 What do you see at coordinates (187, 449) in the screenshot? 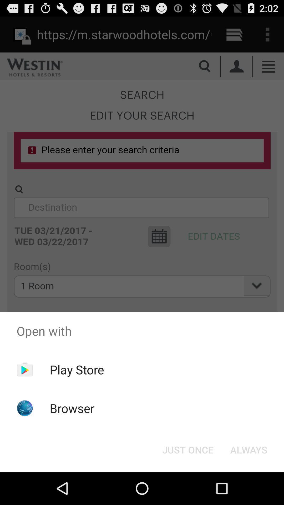
I see `the item to the left of the always` at bounding box center [187, 449].